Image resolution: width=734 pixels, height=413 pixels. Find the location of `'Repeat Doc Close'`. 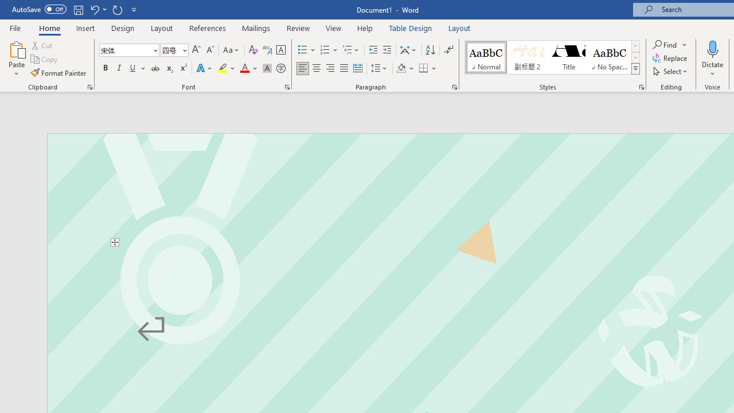

'Repeat Doc Close' is located at coordinates (117, 9).